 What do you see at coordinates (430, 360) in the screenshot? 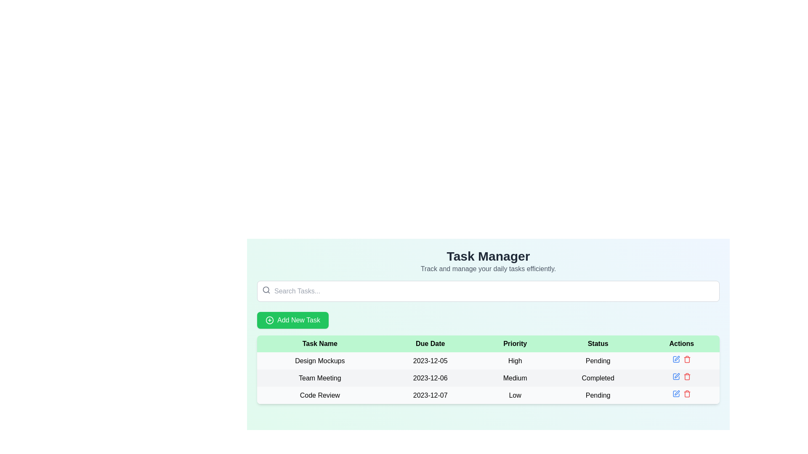
I see `the Text label indicating the due date for the task in the second column of the first row of the data table, located next to 'Design Mockups' and 'High'` at bounding box center [430, 360].